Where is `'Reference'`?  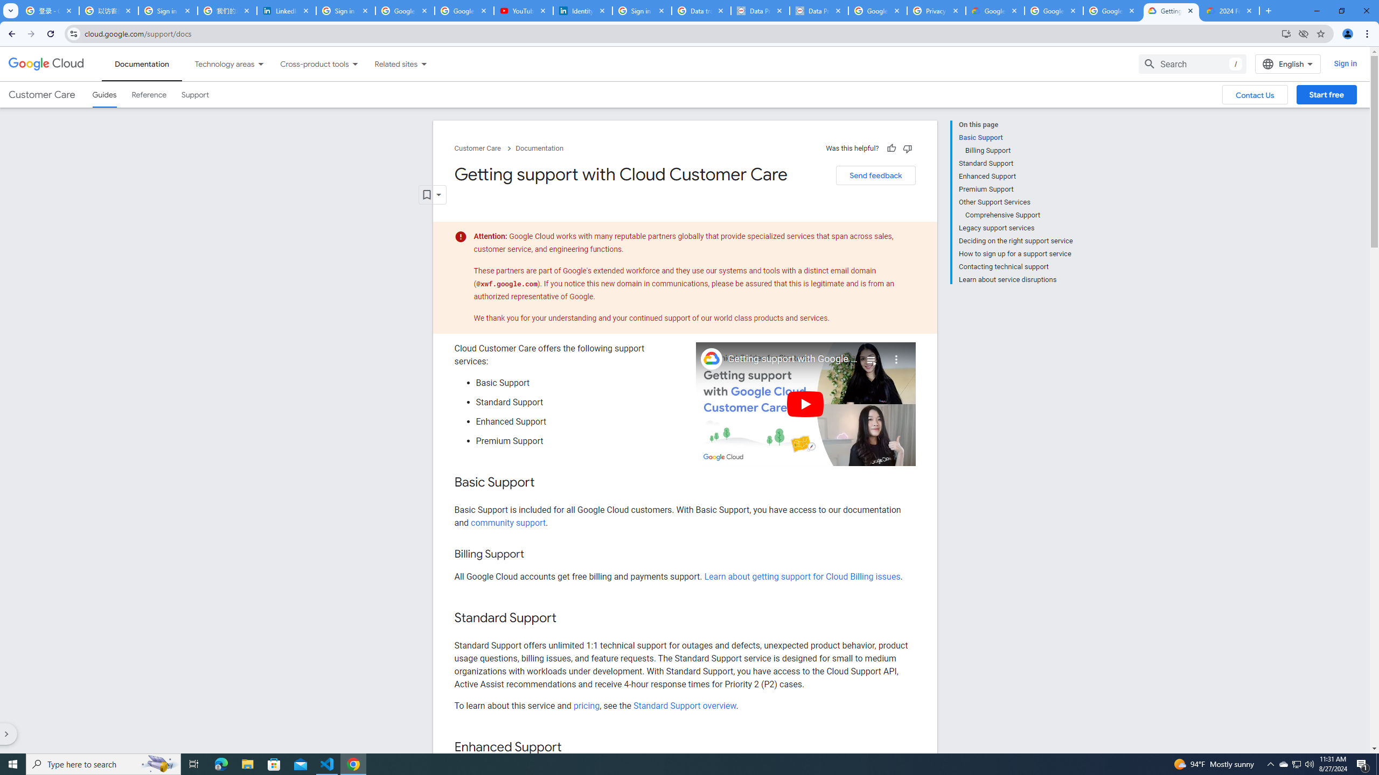
'Reference' is located at coordinates (149, 95).